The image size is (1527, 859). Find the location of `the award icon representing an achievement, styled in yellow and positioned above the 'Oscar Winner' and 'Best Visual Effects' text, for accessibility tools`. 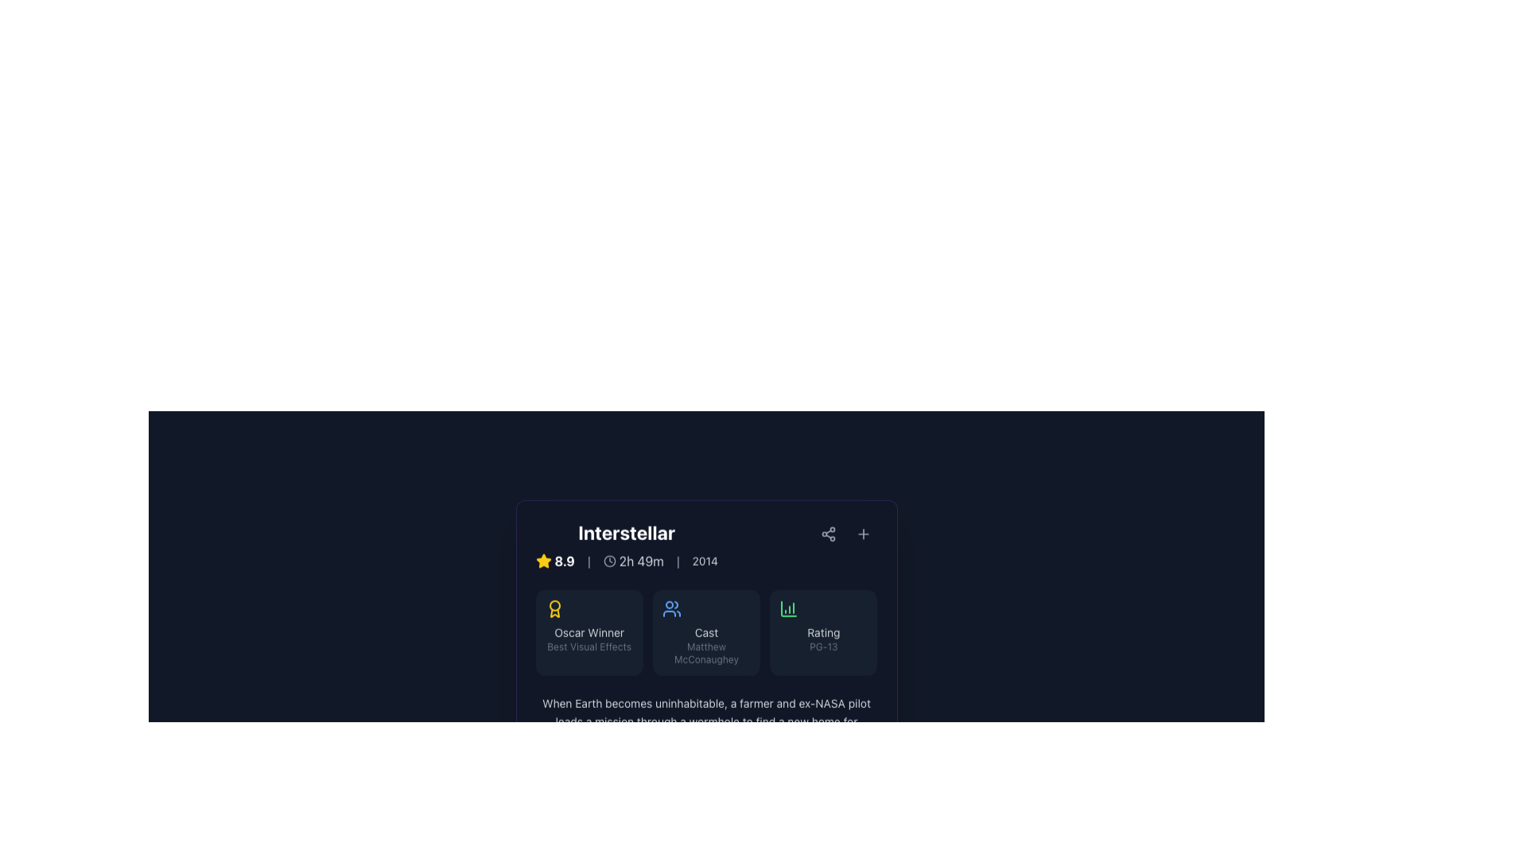

the award icon representing an achievement, styled in yellow and positioned above the 'Oscar Winner' and 'Best Visual Effects' text, for accessibility tools is located at coordinates (554, 608).